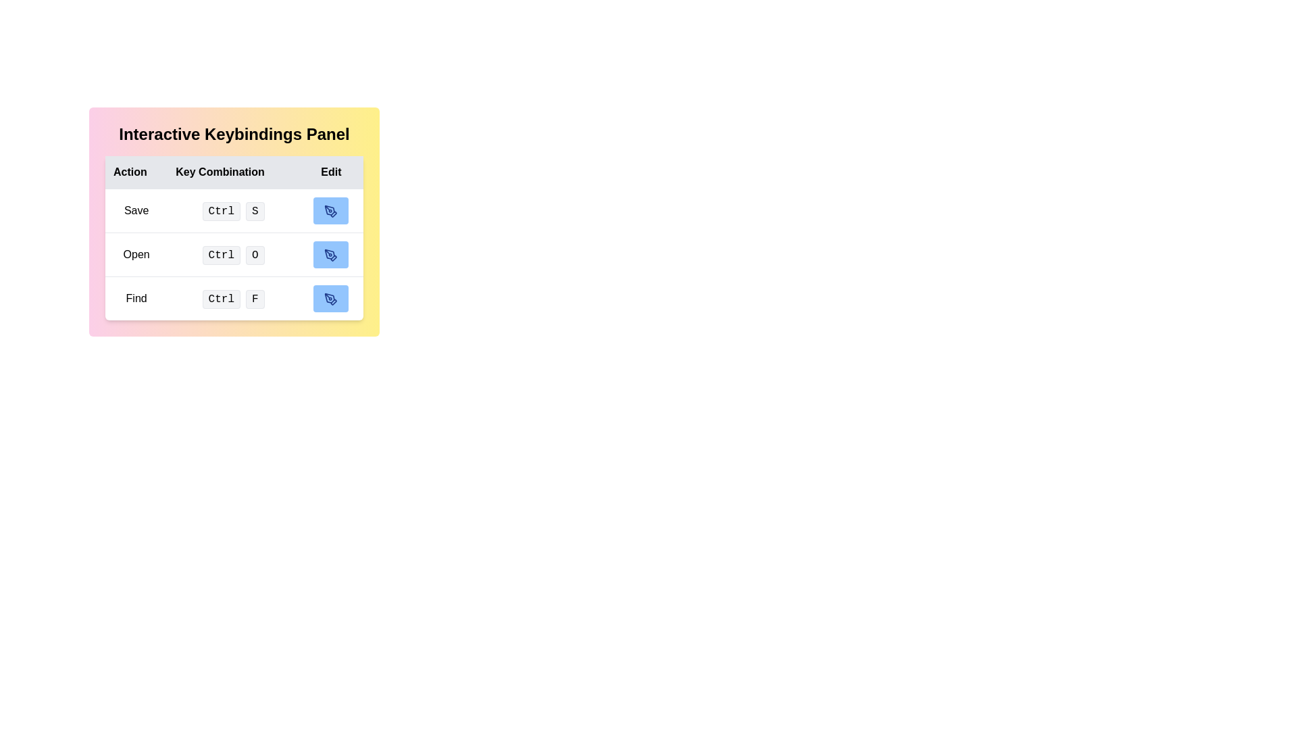 The image size is (1297, 730). I want to click on the 'Ctrl' button-like label with a light gray background and rounded corners, located in the Key Combination column of the third row labeled 'Find', so click(221, 298).